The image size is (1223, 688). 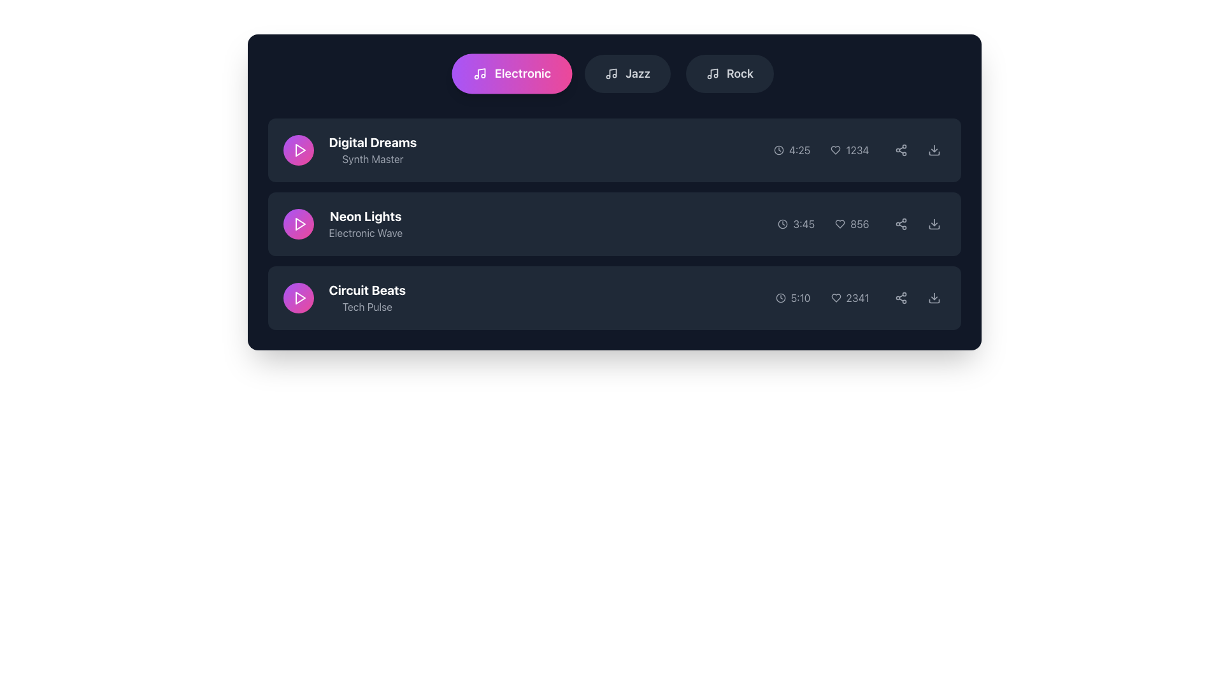 I want to click on numeric display showing '1234' which is styled with a gray font and located adjacent to a heart icon in the topmost row under the 'Electronic' tab, so click(x=850, y=149).